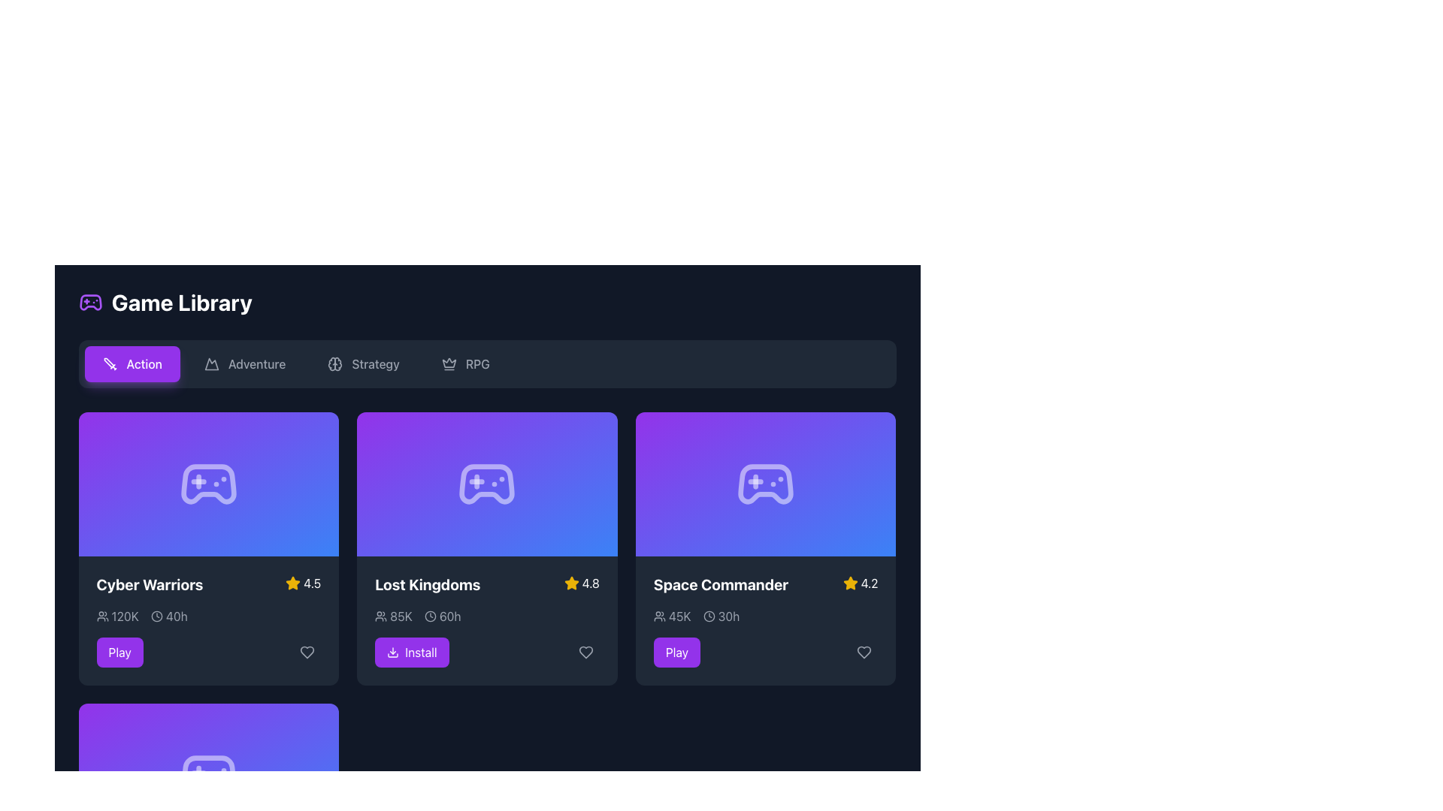  Describe the element at coordinates (476, 364) in the screenshot. I see `the Text label representing the RPG category, which is the last item in the category selector bar at the top of the interface` at that location.